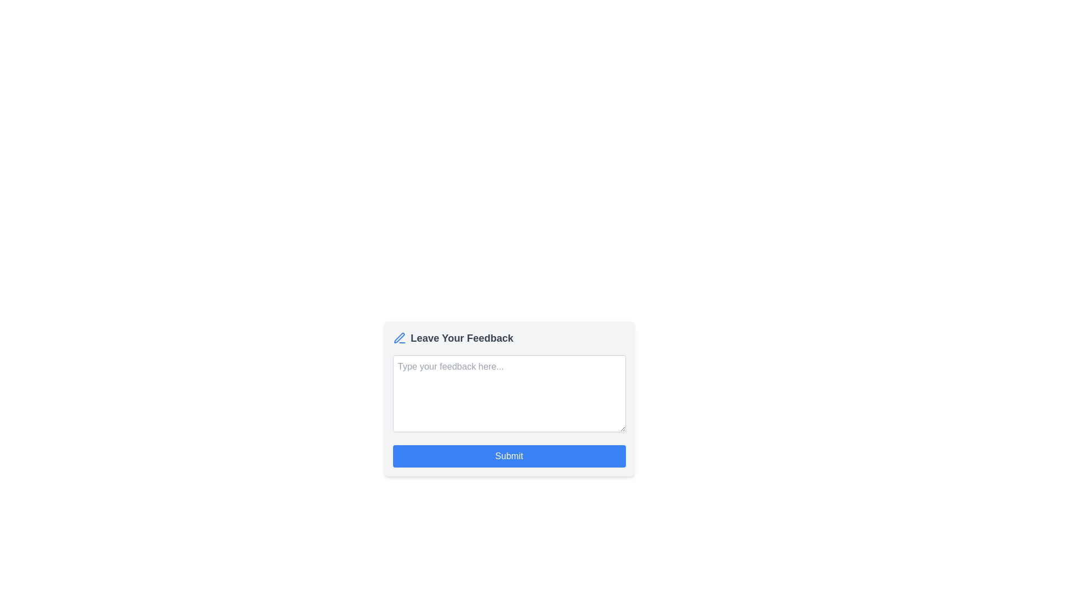  Describe the element at coordinates (462, 338) in the screenshot. I see `the text label that says 'Leave Your Feedback', which is prominently displayed in a large, bold gray font at the top of the feedback form` at that location.